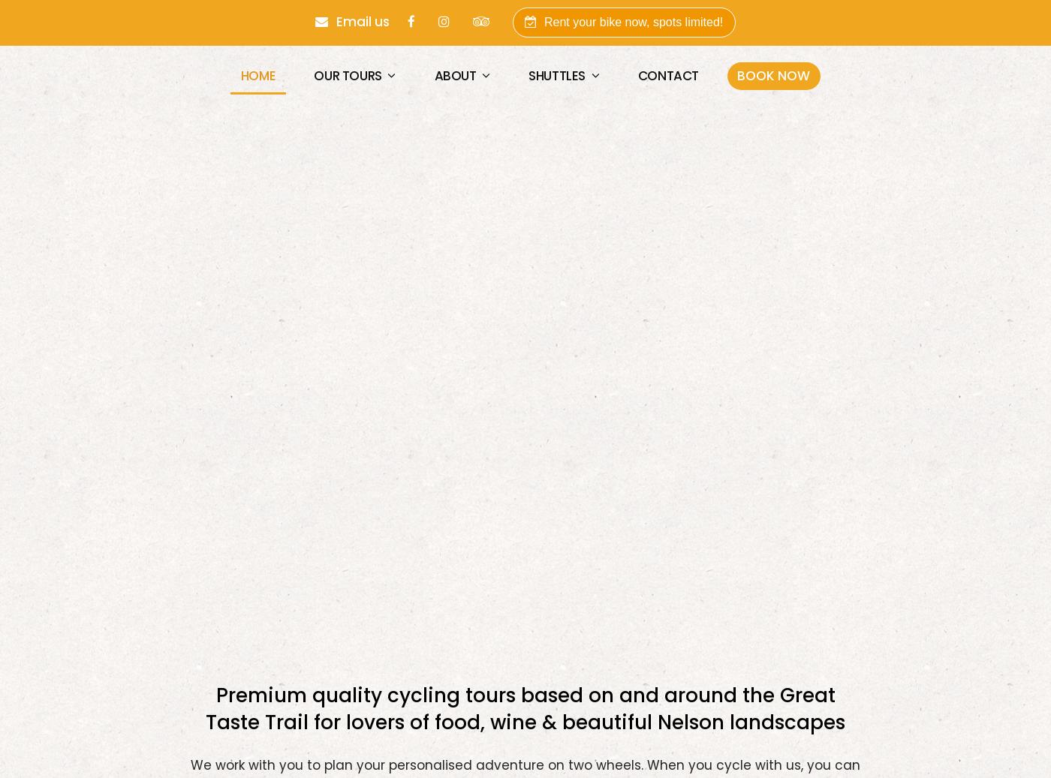 The height and width of the screenshot is (778, 1051). What do you see at coordinates (380, 220) in the screenshot?
I see `'Single Day Tours'` at bounding box center [380, 220].